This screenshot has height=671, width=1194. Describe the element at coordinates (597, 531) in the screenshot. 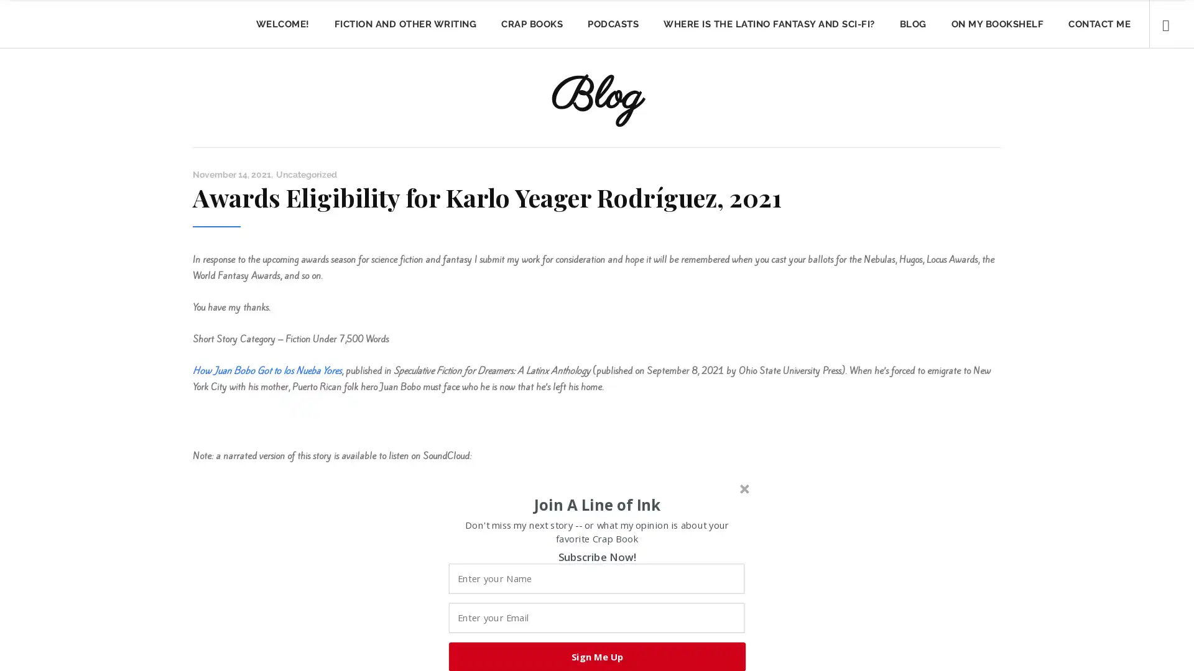

I see `Don't miss my next story -- or what my opinion is about your favorite Crap Book` at that location.